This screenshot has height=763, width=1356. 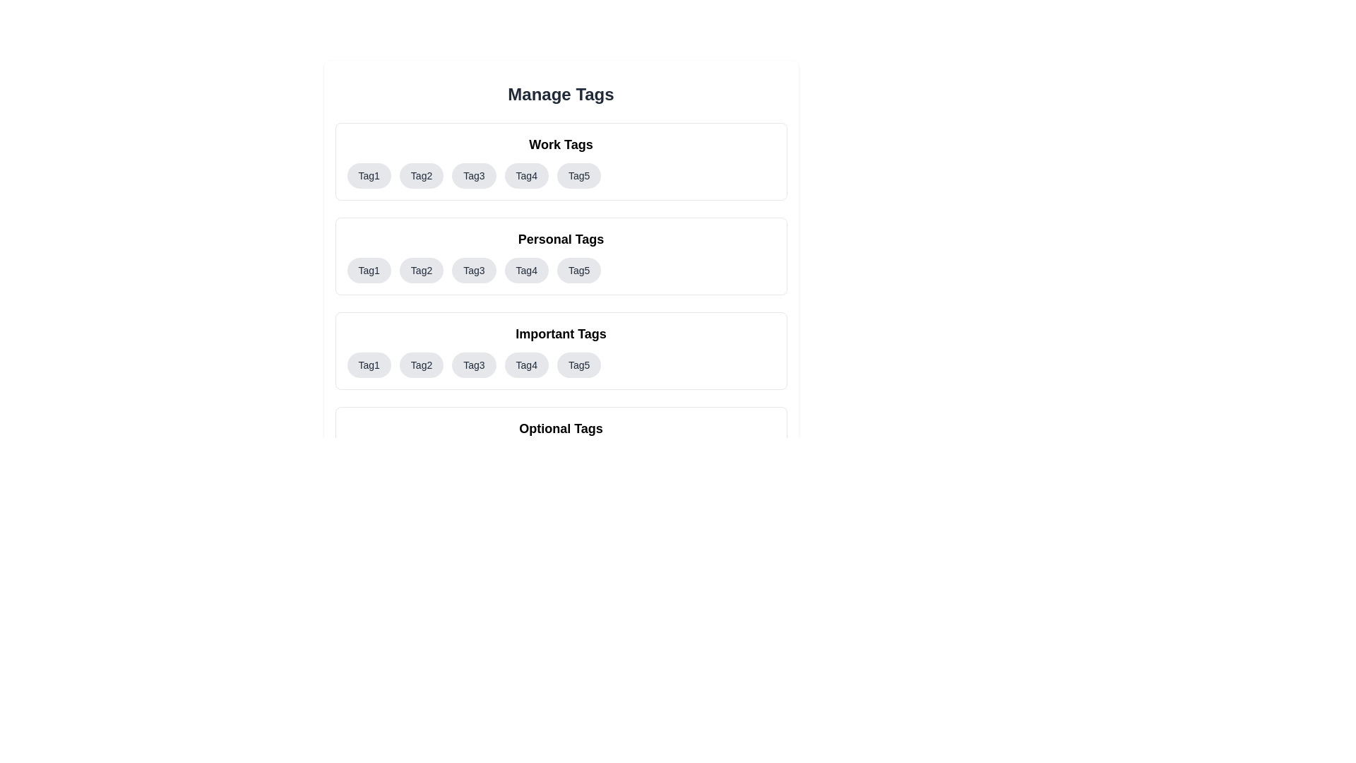 I want to click on the fifth button in the 'Important Tags' section, so click(x=579, y=364).